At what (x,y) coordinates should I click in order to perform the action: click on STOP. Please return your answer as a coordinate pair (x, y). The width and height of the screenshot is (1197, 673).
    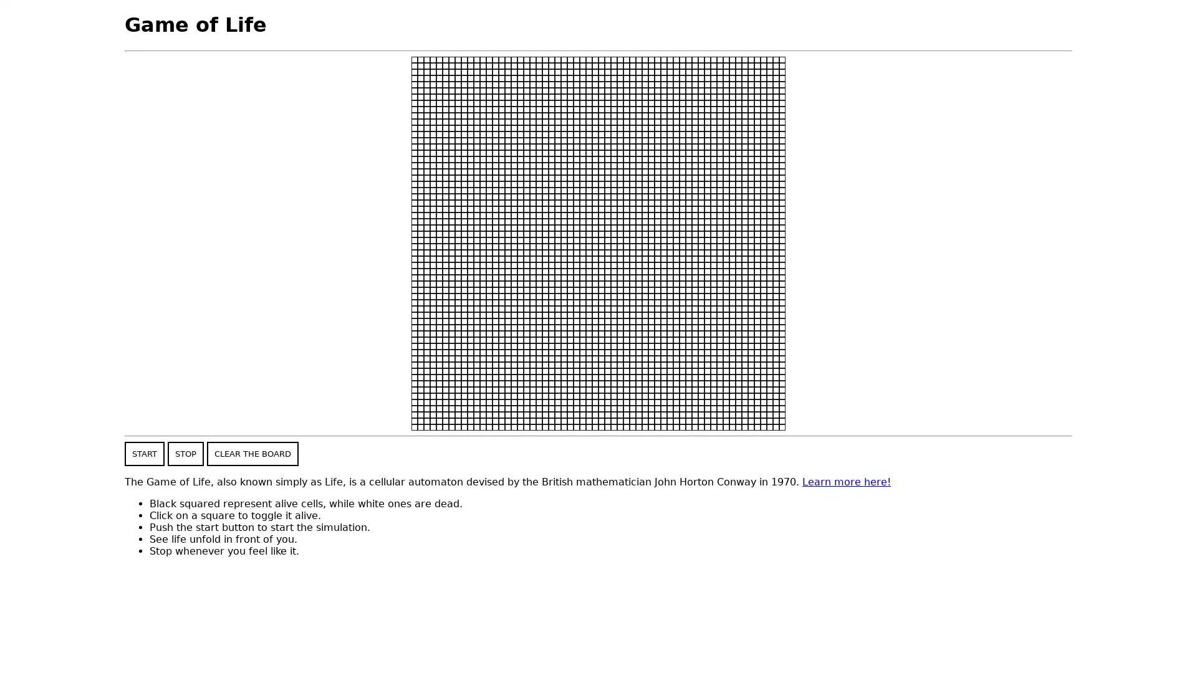
    Looking at the image, I should click on (185, 453).